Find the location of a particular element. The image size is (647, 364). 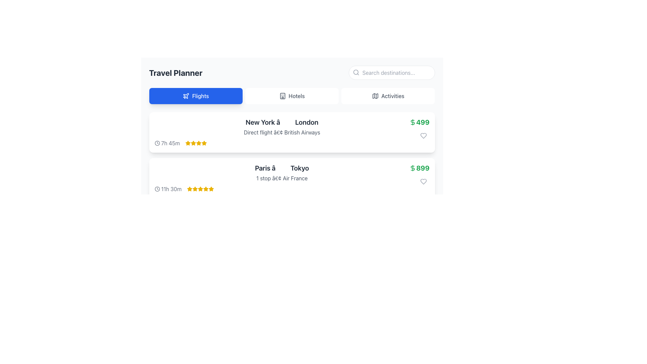

the first star icon in the rating system is located at coordinates (188, 143).